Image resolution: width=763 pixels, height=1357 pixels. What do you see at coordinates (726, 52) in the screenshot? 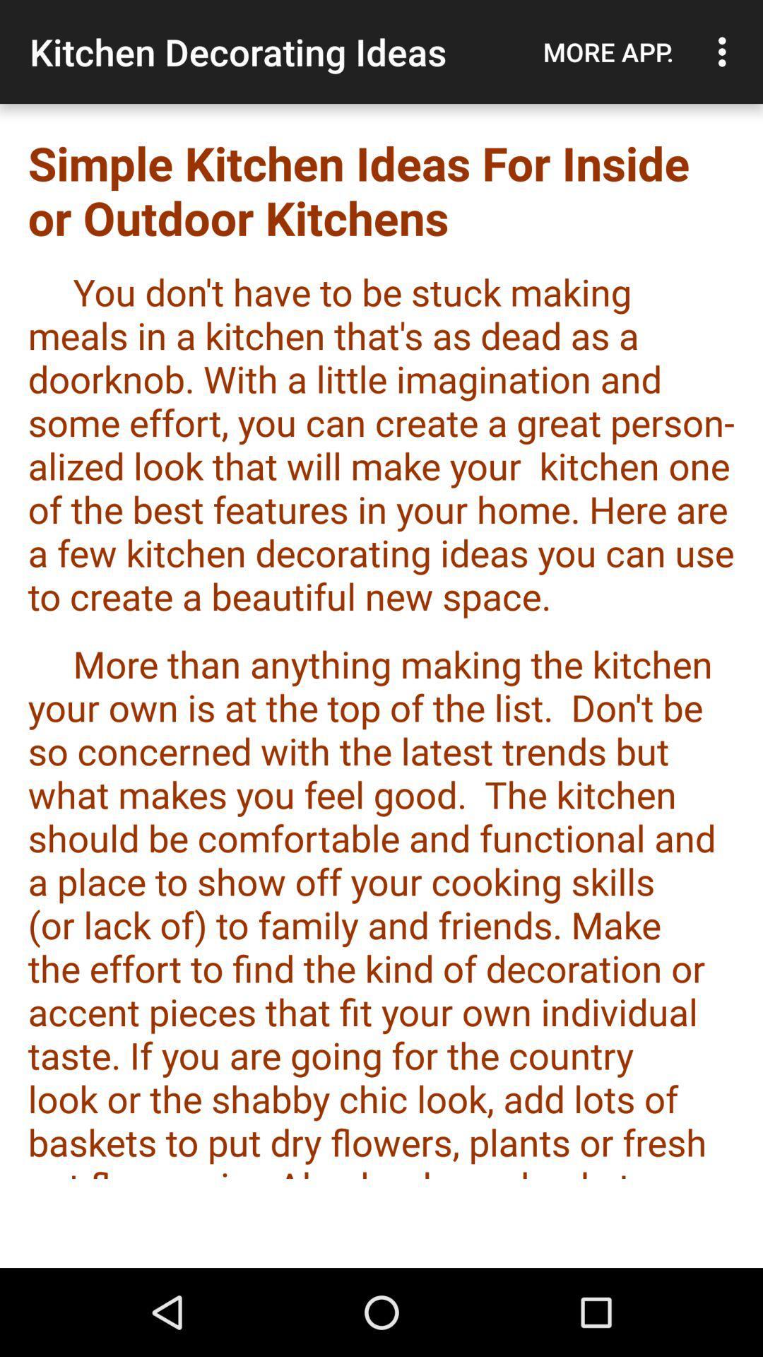
I see `item to the right of more app. icon` at bounding box center [726, 52].